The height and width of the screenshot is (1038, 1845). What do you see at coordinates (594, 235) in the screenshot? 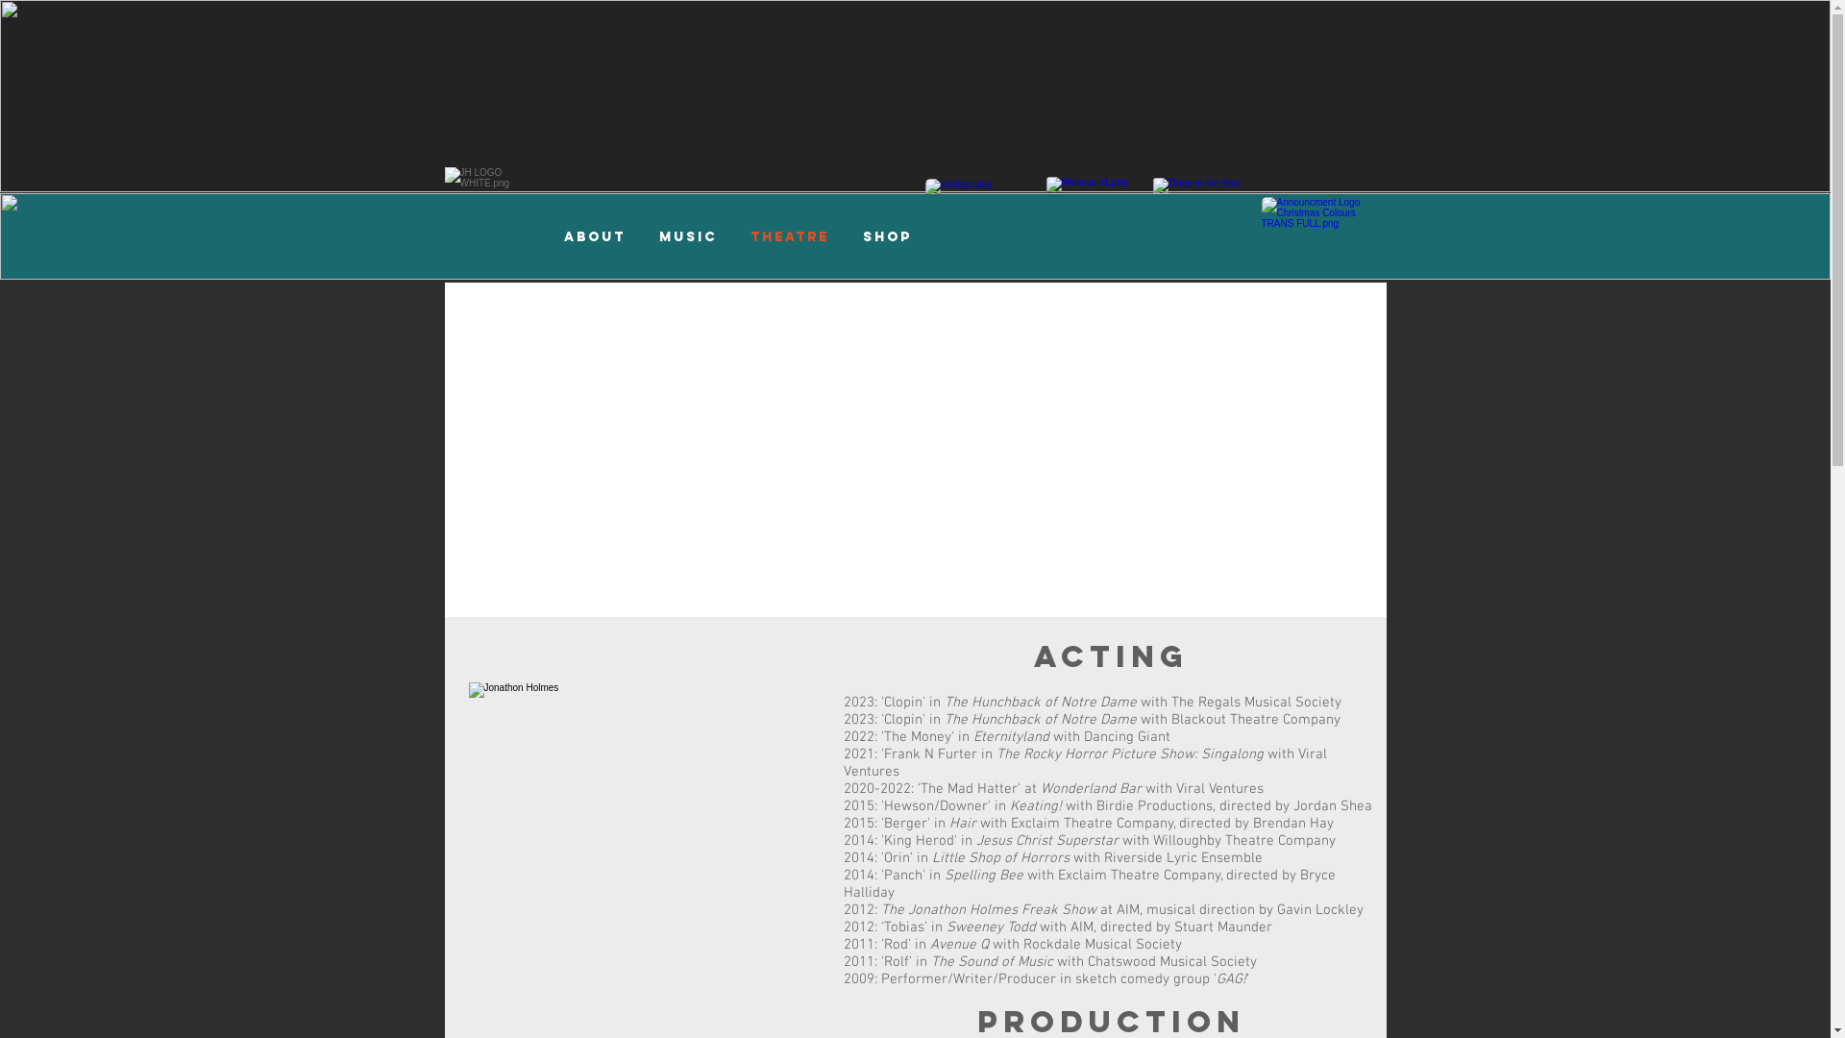
I see `'ABOUT'` at bounding box center [594, 235].